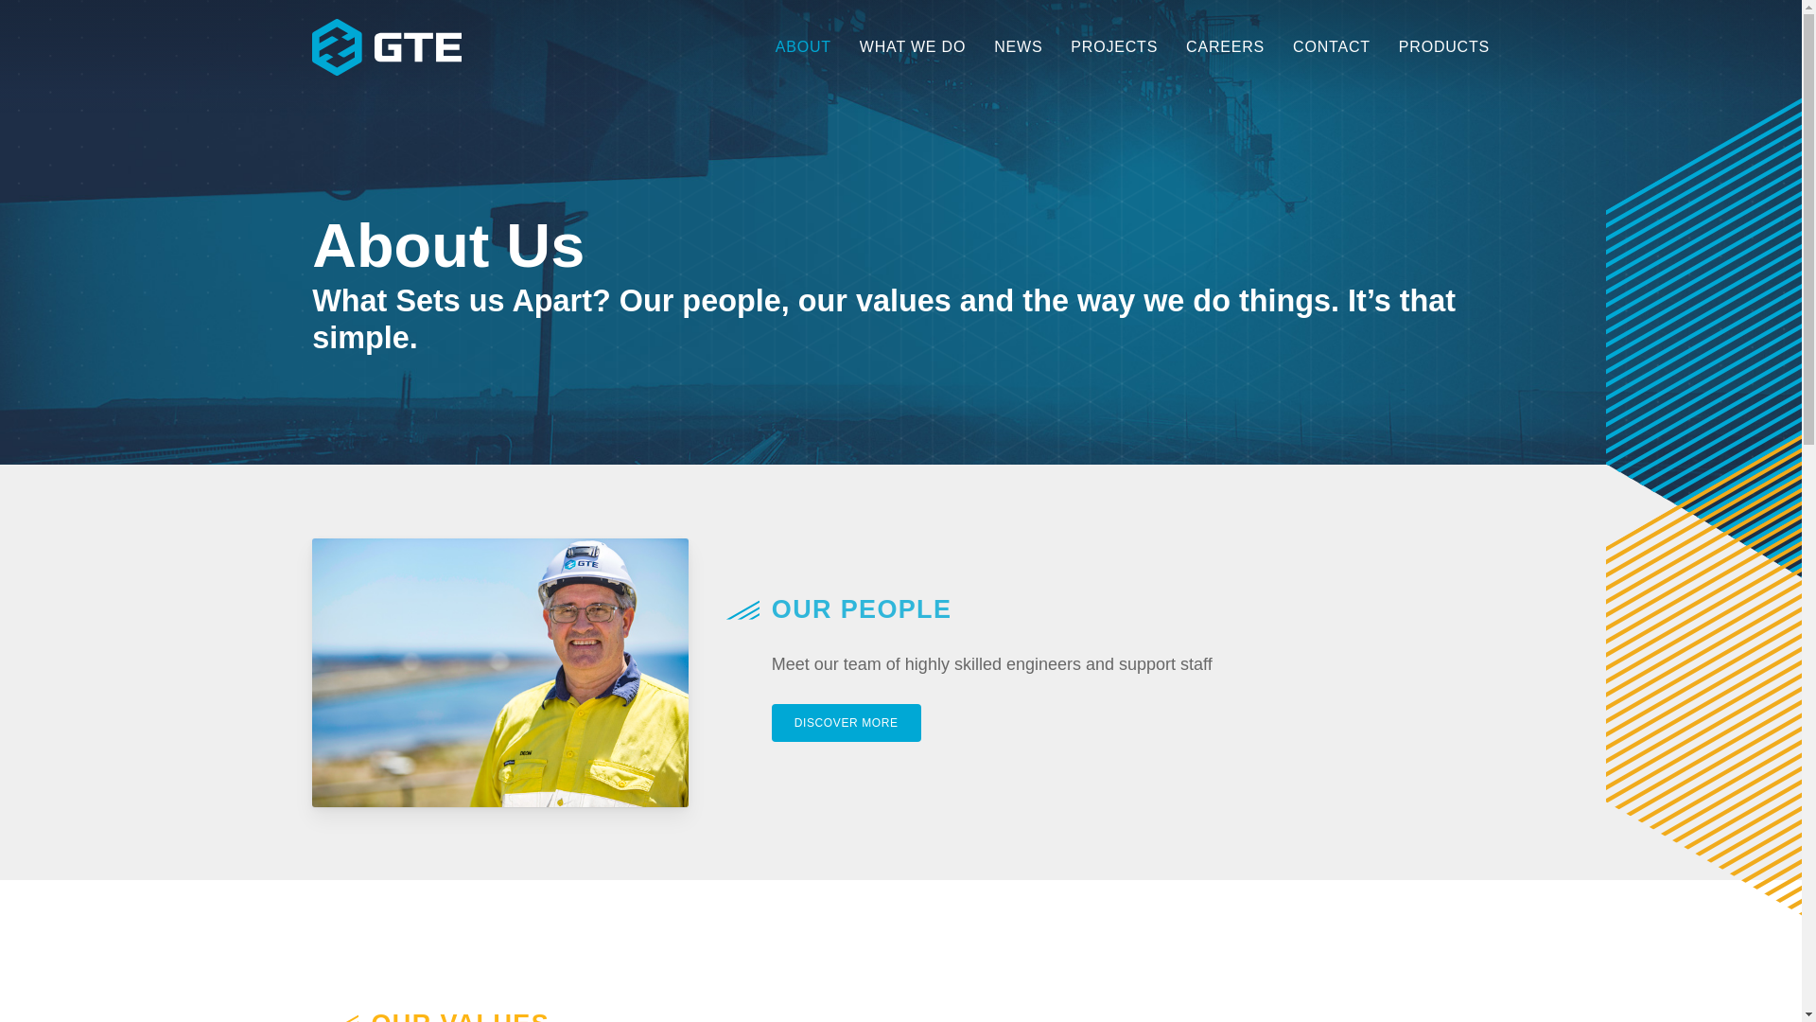  I want to click on 'NEWS', so click(980, 46).